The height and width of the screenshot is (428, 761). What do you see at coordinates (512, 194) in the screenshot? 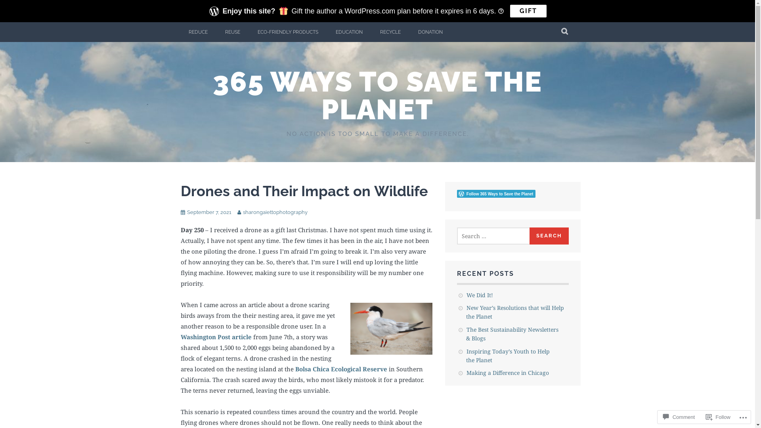
I see `'Follow Button'` at bounding box center [512, 194].